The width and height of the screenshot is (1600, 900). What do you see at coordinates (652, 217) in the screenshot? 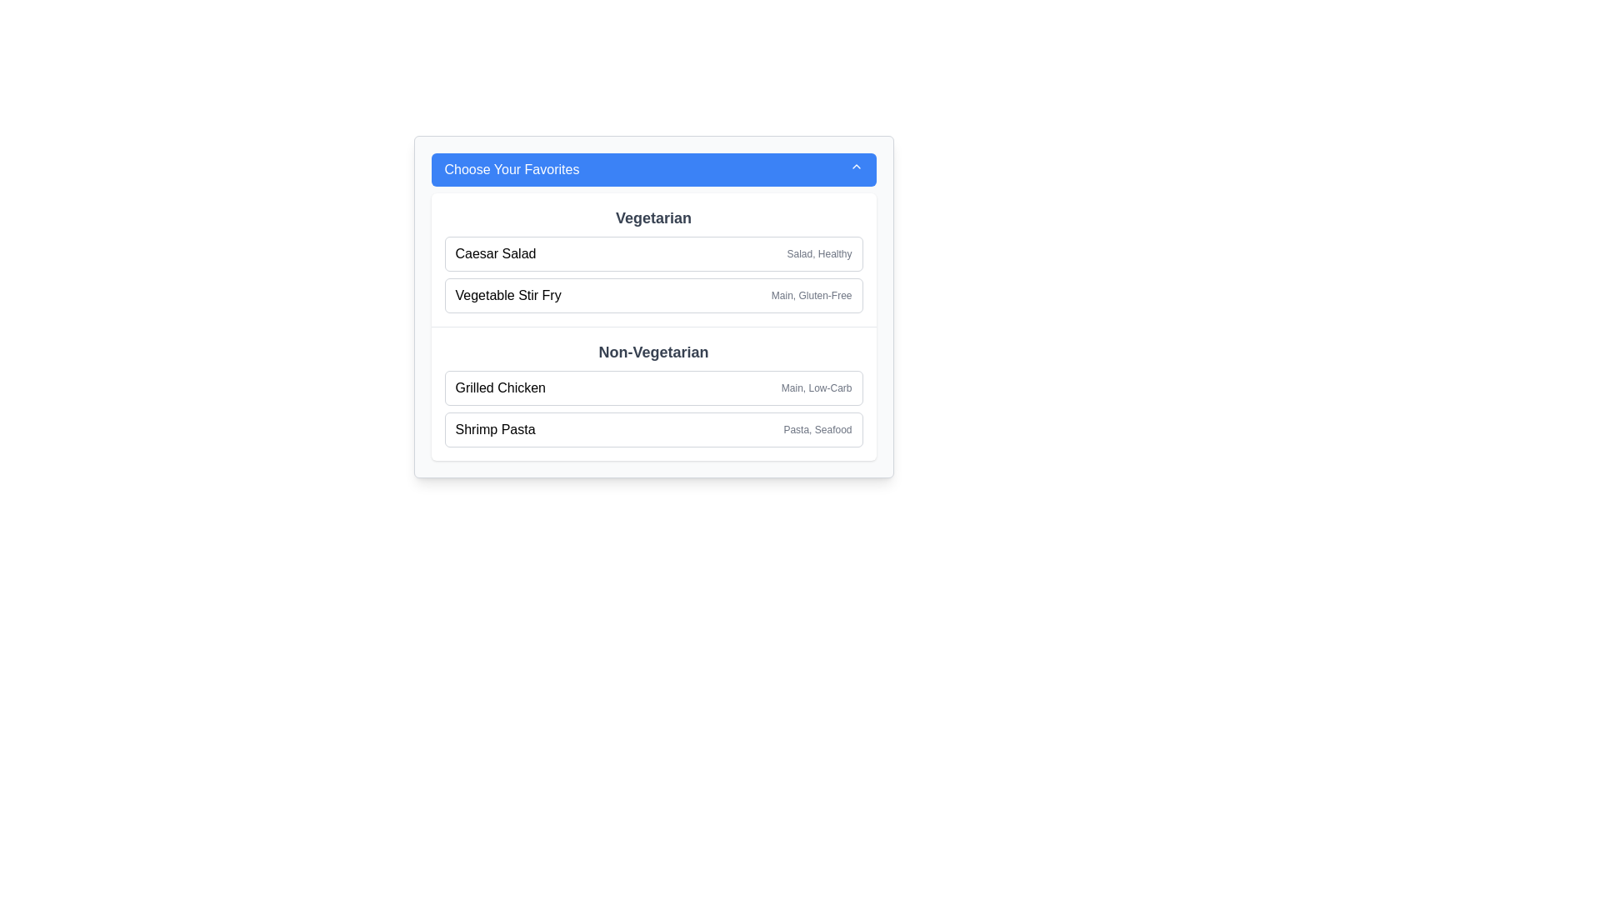
I see `the 'Vegetarian' text label, which is styled with bold typography and is located below the 'Choose Your Favorites' header` at bounding box center [652, 217].